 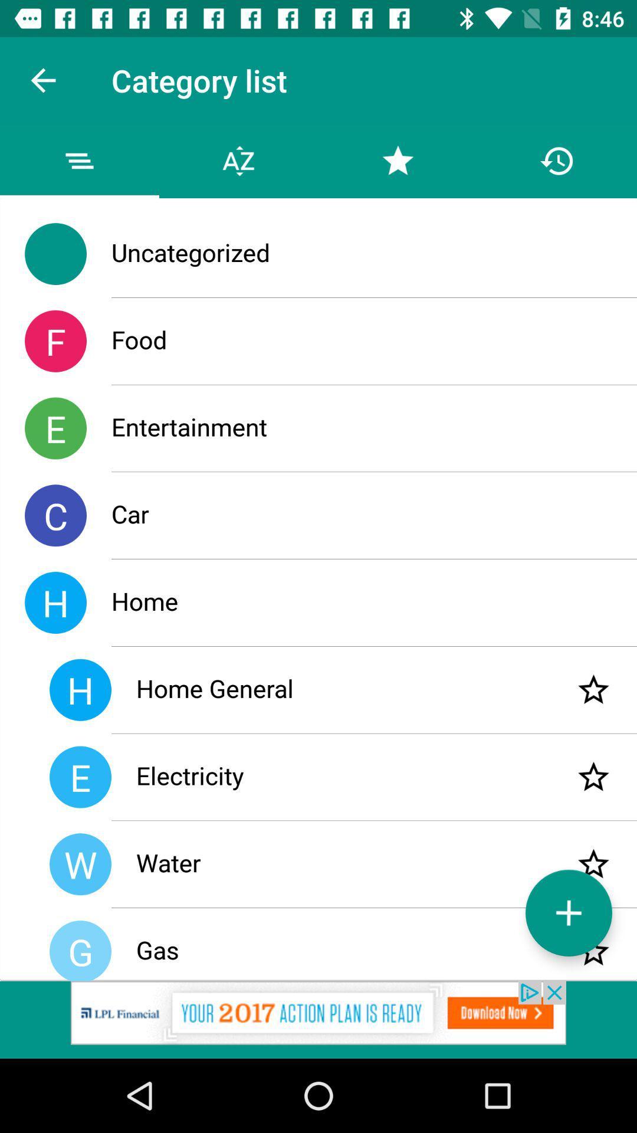 I want to click on favorite, so click(x=593, y=690).